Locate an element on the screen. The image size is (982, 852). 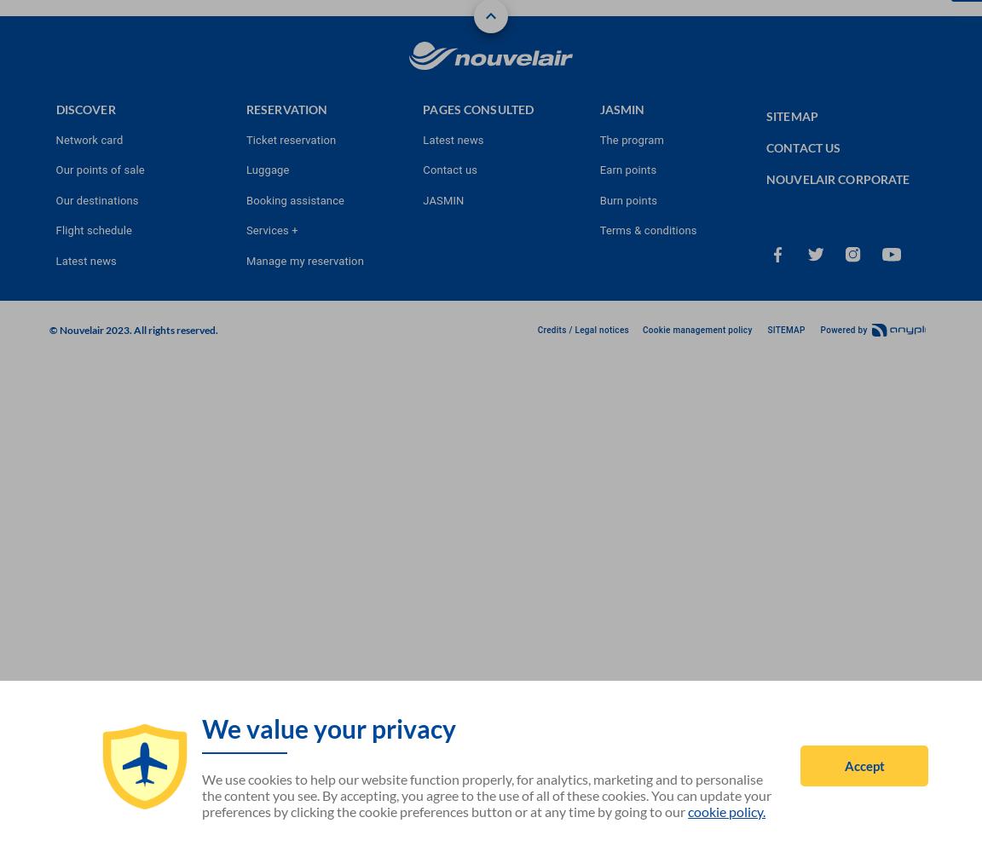
'NOUVELAIR CORPORATE' is located at coordinates (837, 177).